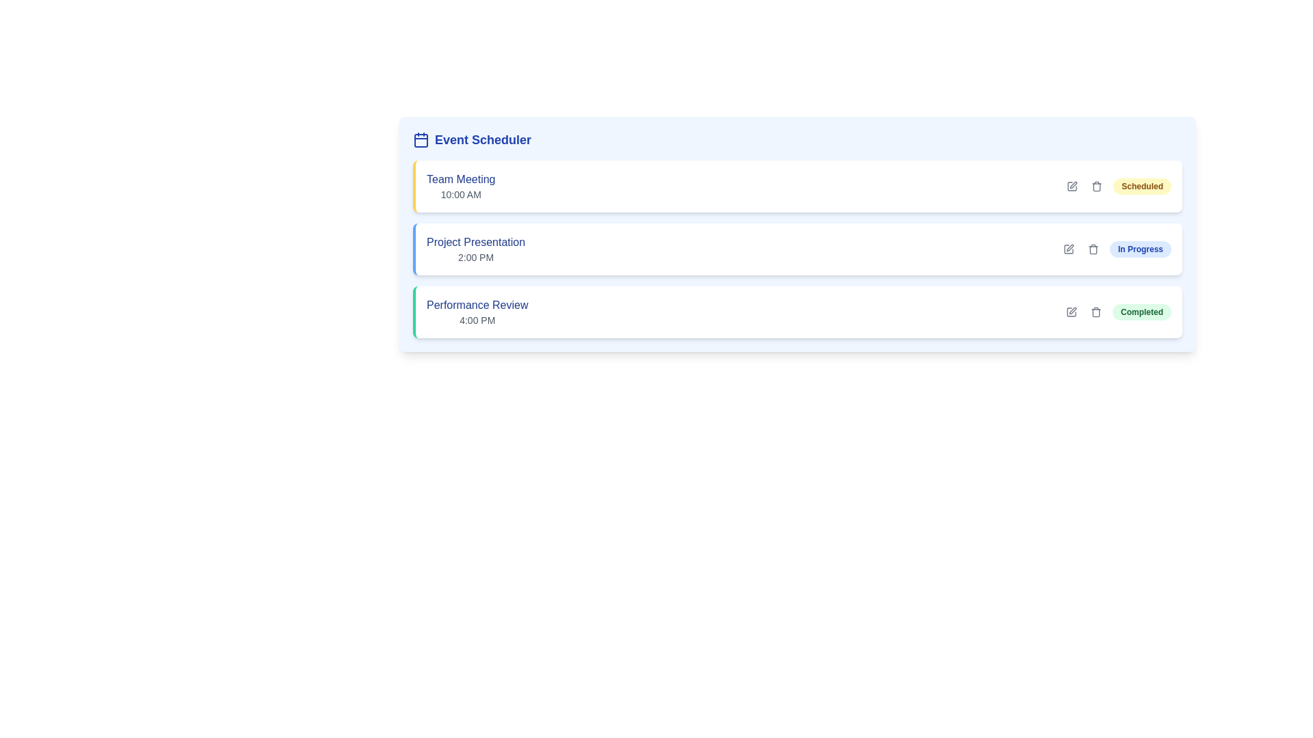 The image size is (1313, 738). I want to click on the icon button in the 'Project Presentation' section of the 'Event Scheduler' interface, so click(1067, 249).